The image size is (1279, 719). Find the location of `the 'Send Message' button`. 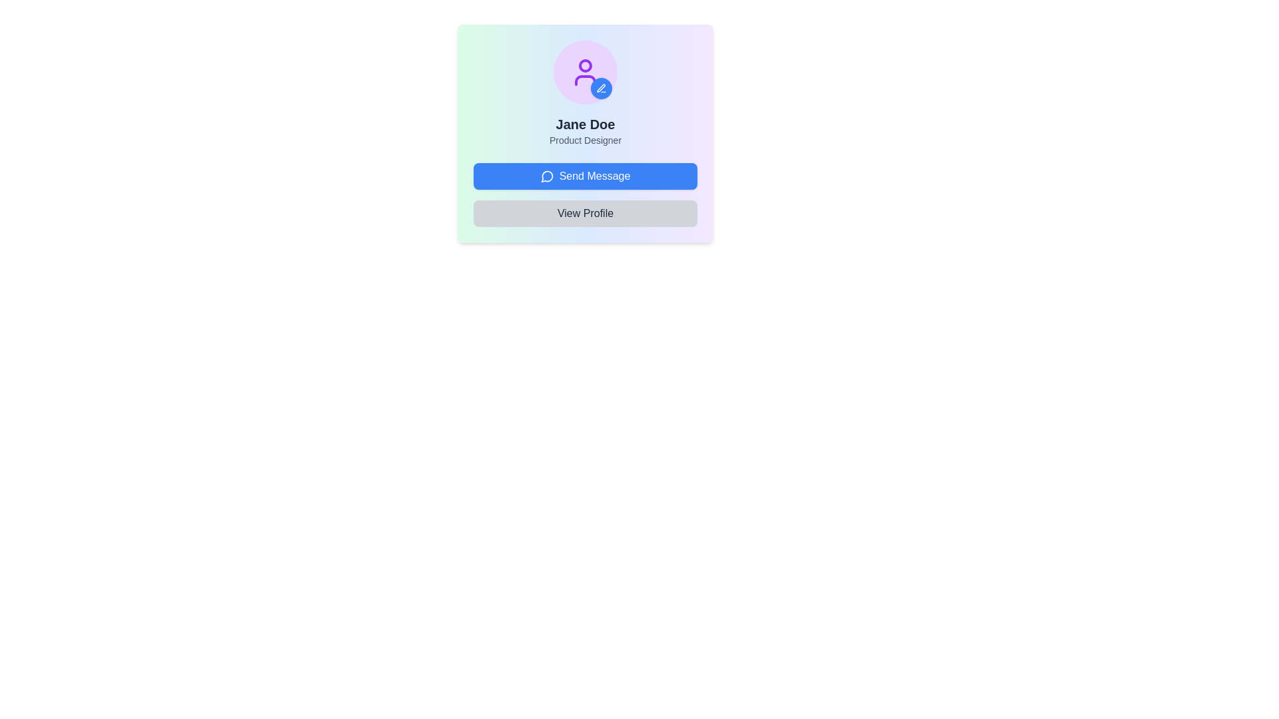

the 'Send Message' button is located at coordinates (585, 176).